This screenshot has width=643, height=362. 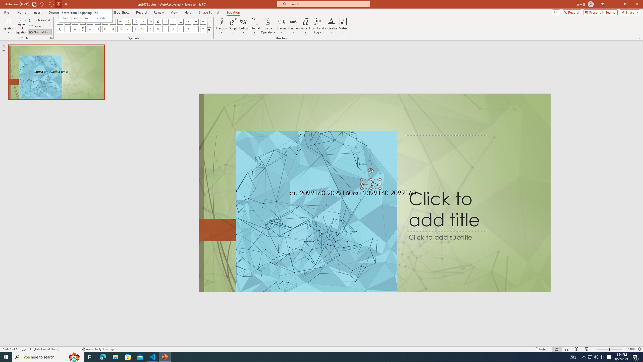 What do you see at coordinates (282, 26) in the screenshot?
I see `'Bracket'` at bounding box center [282, 26].